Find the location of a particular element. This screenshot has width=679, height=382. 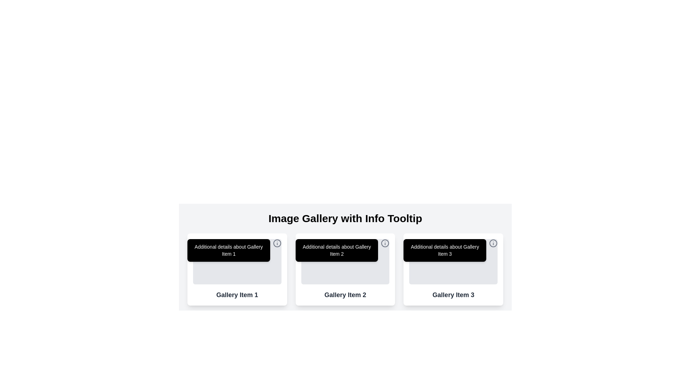

the visual state of the Circle element in the information icon located at the top-right corner of the second gallery item is located at coordinates (385, 243).